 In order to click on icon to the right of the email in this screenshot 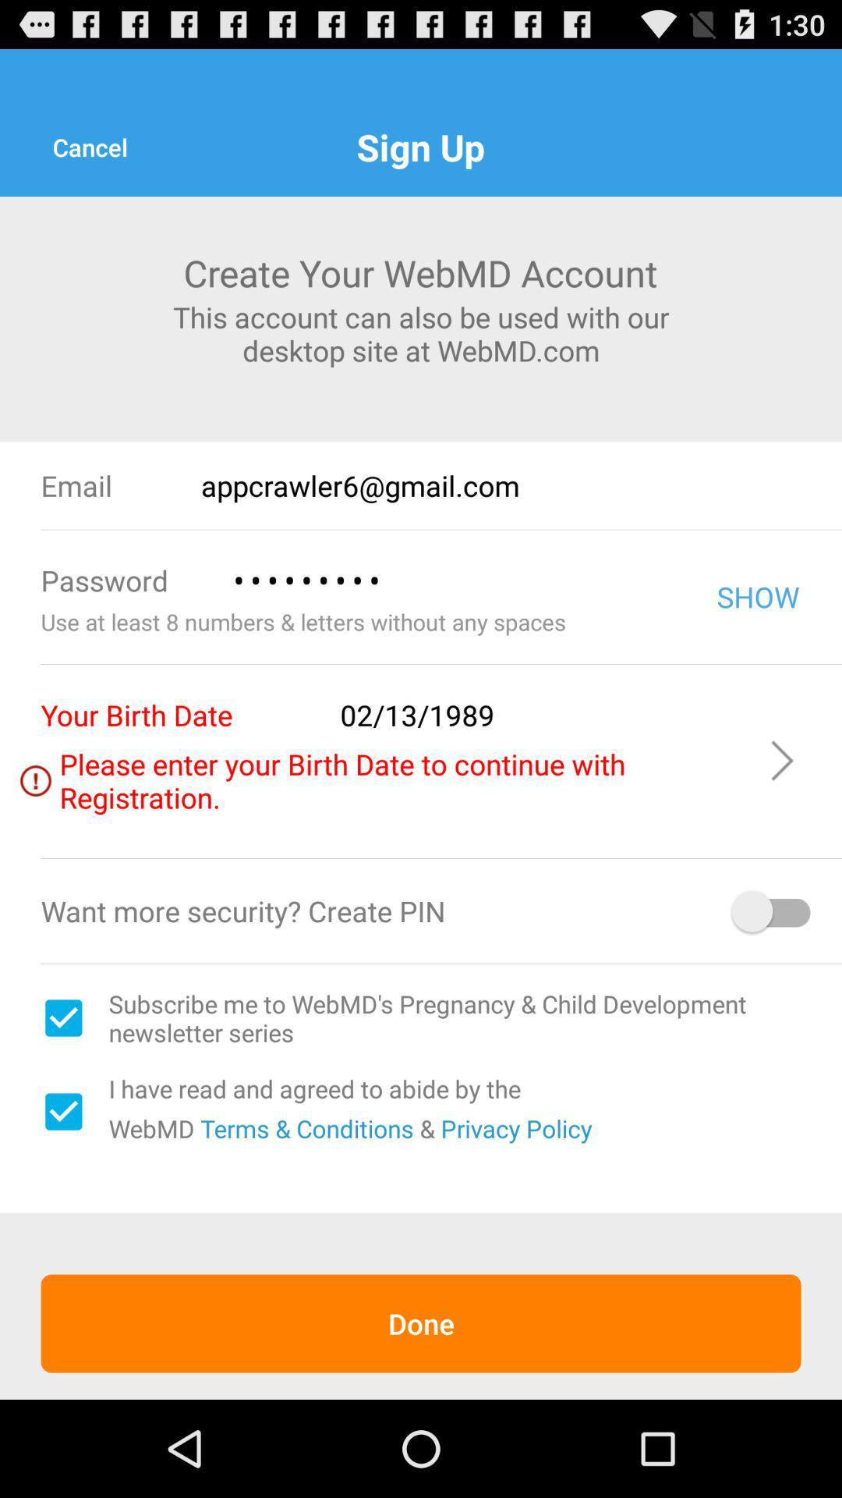, I will do `click(521, 485)`.